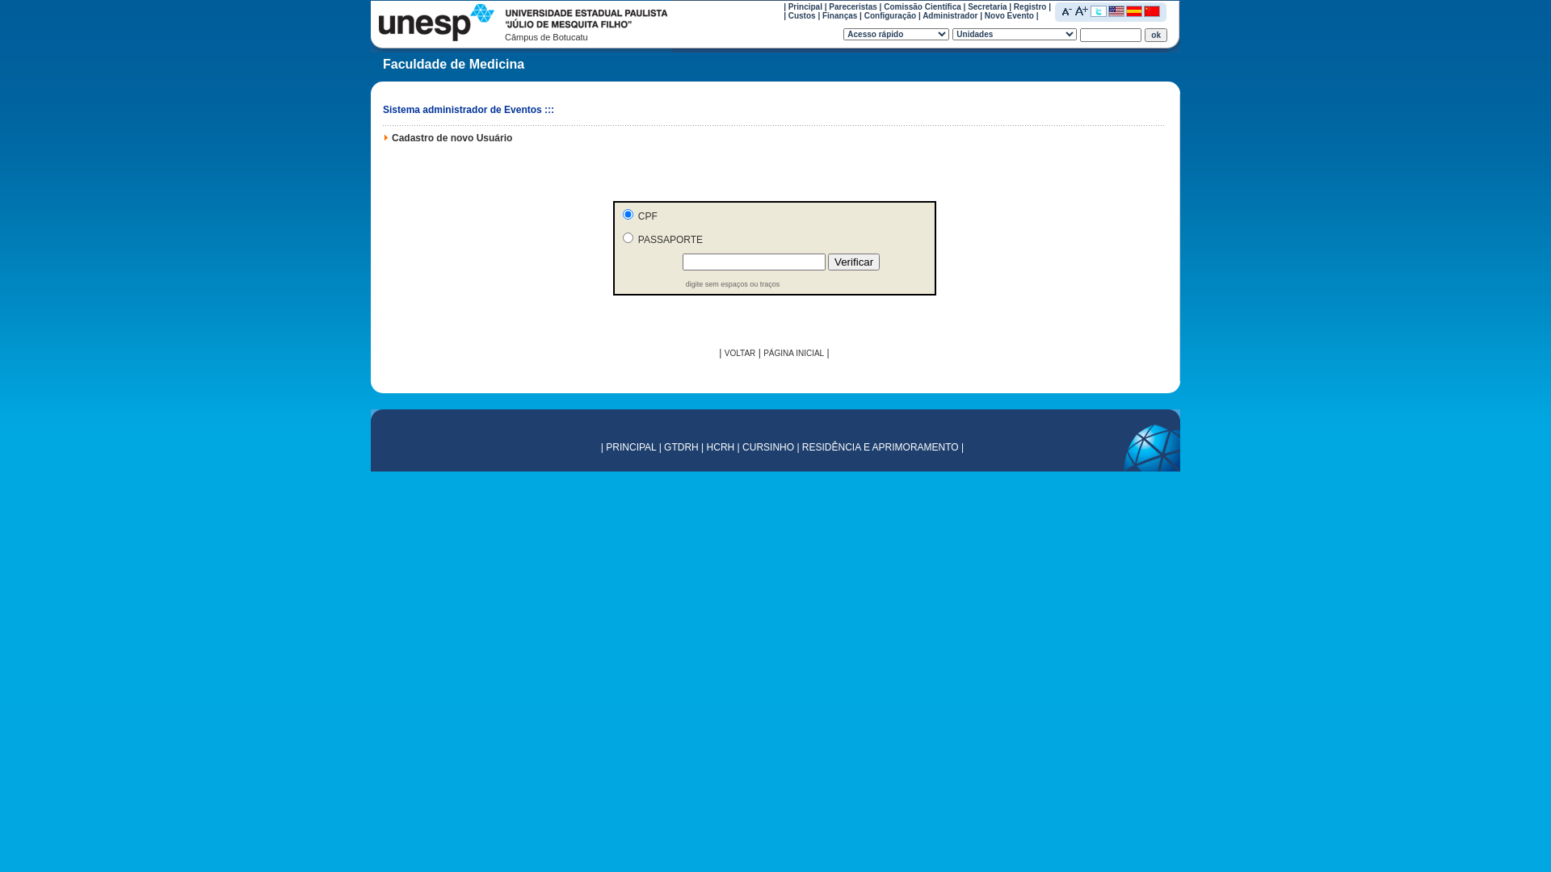 Image resolution: width=1551 pixels, height=872 pixels. What do you see at coordinates (1082, 10) in the screenshot?
I see `'aumentar fonte'` at bounding box center [1082, 10].